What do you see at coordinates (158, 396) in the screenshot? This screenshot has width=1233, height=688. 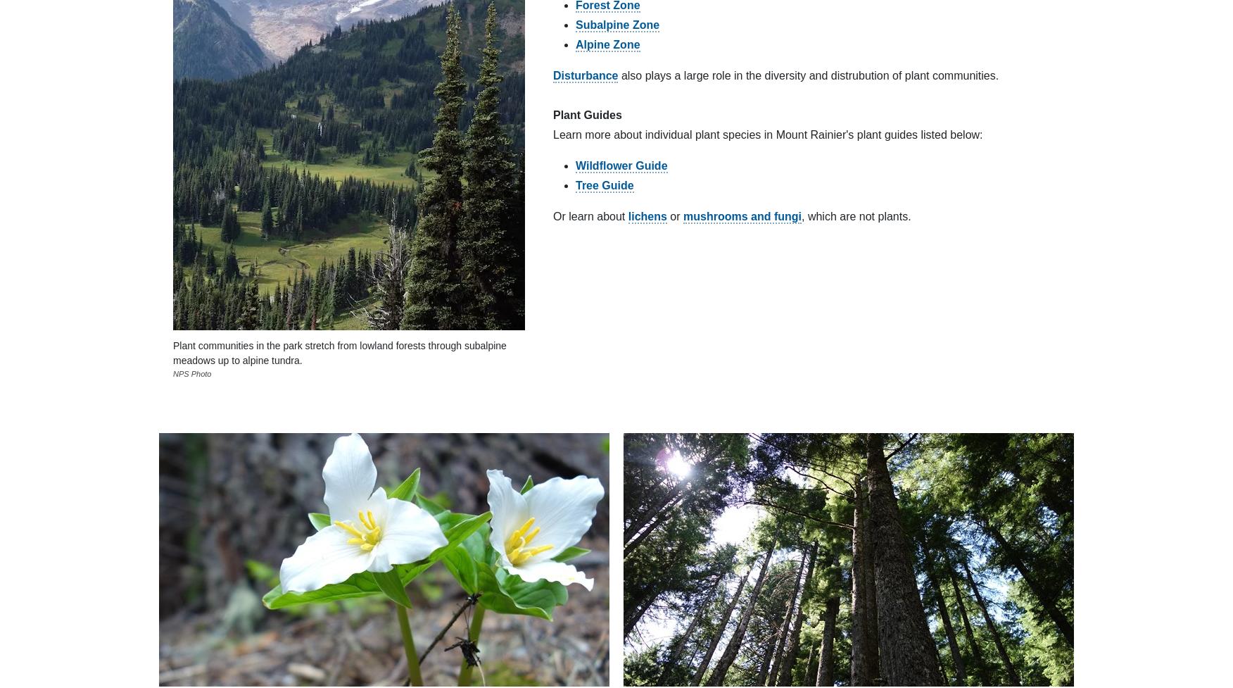 I see `'360 569-2211'` at bounding box center [158, 396].